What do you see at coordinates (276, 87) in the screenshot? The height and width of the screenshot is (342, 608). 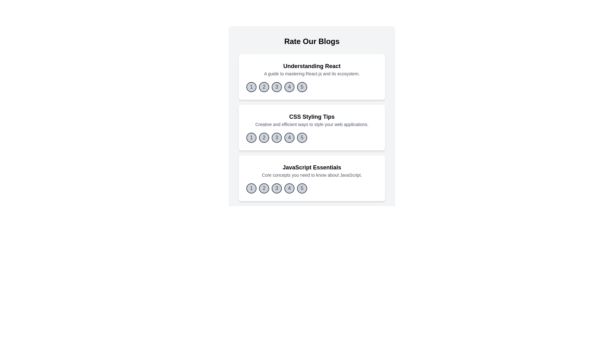 I see `the rating button corresponding to 3 for the blog titled 'Understanding React'` at bounding box center [276, 87].